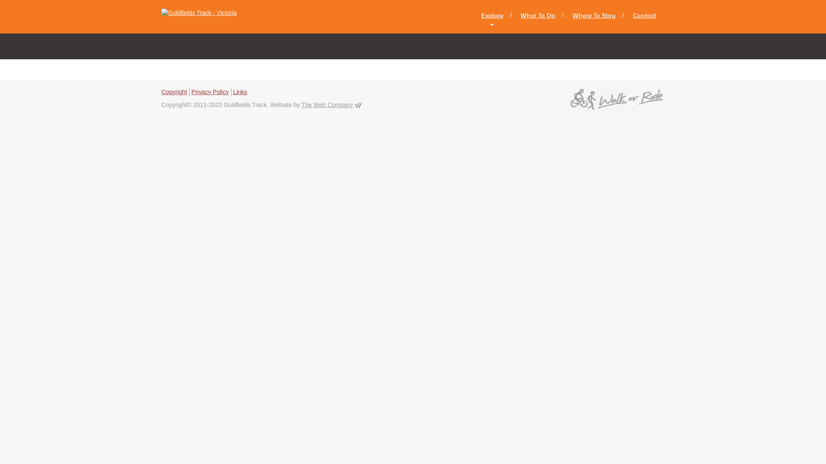 The image size is (826, 464). Describe the element at coordinates (202, 16) in the screenshot. I see `'Goldfields Track'` at that location.